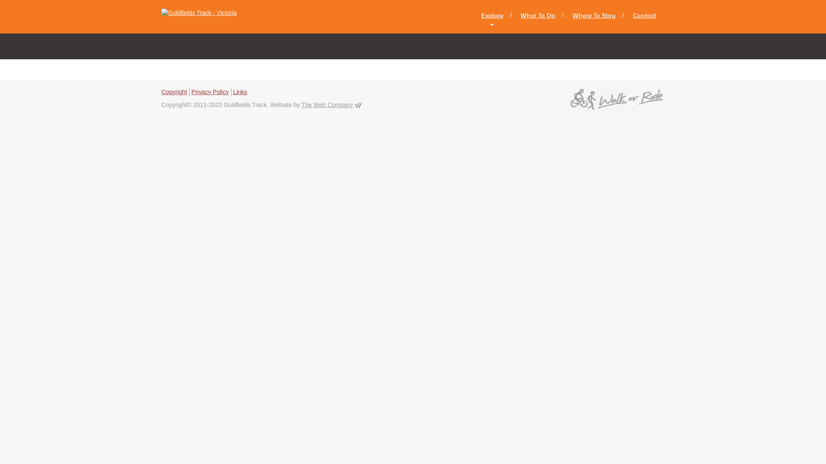 The image size is (826, 464). Describe the element at coordinates (202, 16) in the screenshot. I see `'Goldfields Track'` at that location.